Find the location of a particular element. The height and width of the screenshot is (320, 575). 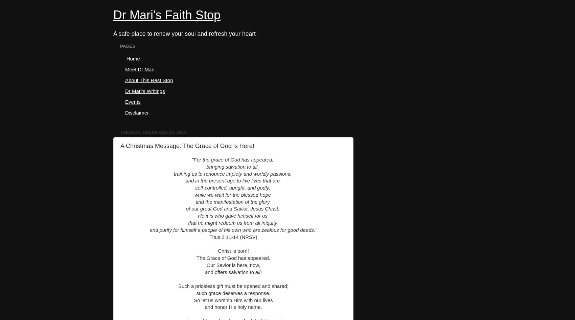

'bringing 
salvation to all,' is located at coordinates (233, 166).